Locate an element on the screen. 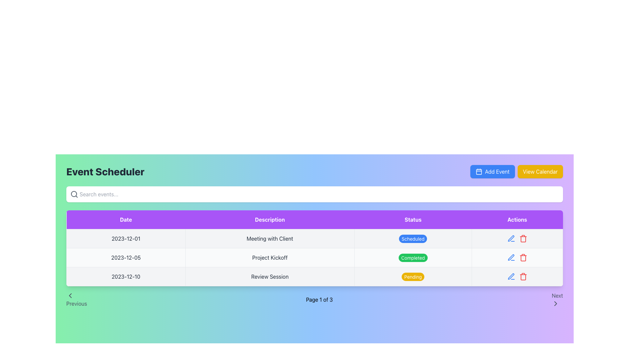 The height and width of the screenshot is (360, 640). the third row in the table that displays a scheduled event entry, allowing users is located at coordinates (314, 276).